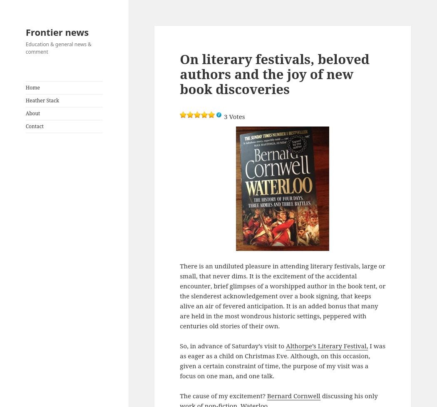 This screenshot has width=437, height=407. What do you see at coordinates (223, 395) in the screenshot?
I see `'The cause of my excitement?'` at bounding box center [223, 395].